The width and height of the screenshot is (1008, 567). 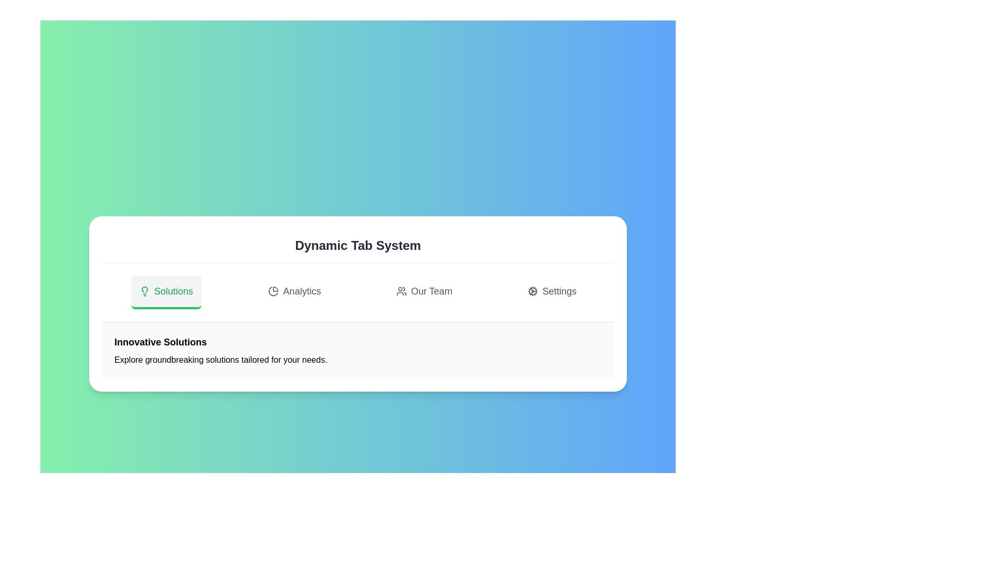 What do you see at coordinates (274, 291) in the screenshot?
I see `the curved segment of the pie chart icon located in the top-right corner of the 'Analytics' tab` at bounding box center [274, 291].